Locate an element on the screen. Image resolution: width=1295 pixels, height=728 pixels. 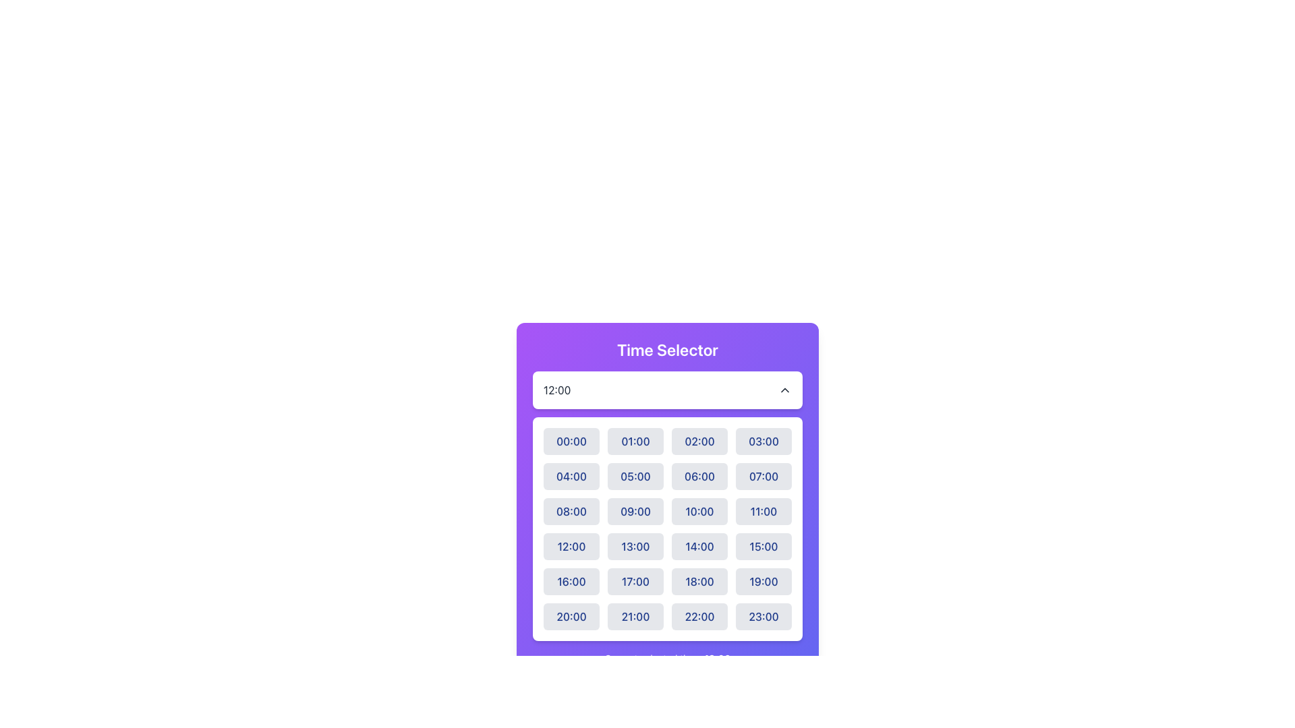
the chevron icon located at the right side of the '12:00' time entry is located at coordinates (784, 390).